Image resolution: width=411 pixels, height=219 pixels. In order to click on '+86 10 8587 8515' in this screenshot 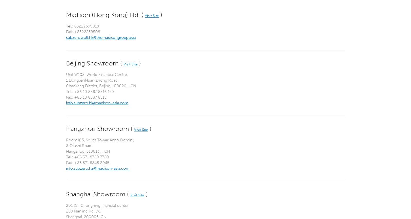, I will do `click(90, 97)`.